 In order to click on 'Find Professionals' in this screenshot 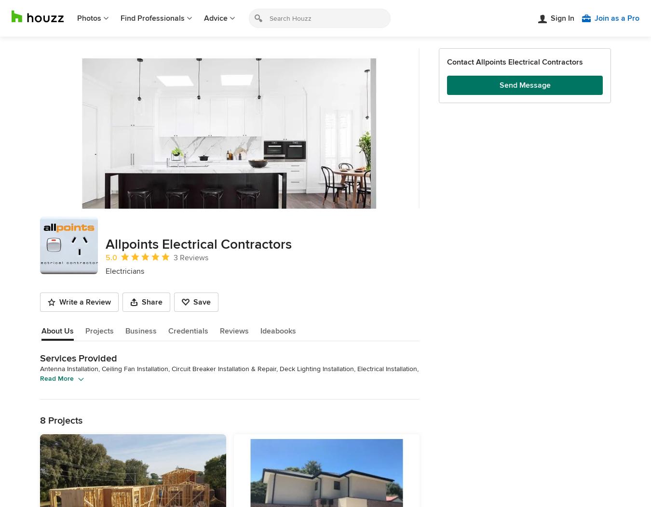, I will do `click(152, 18)`.